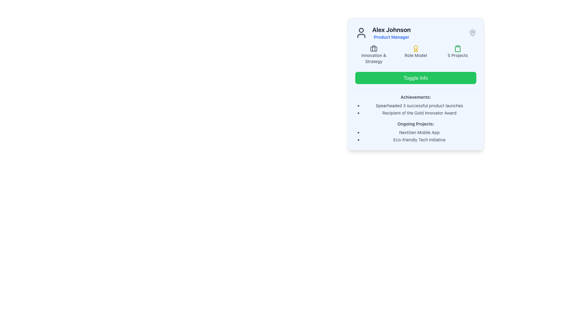 The image size is (584, 329). I want to click on the 'Innovation & Strategy' badge located in the leftmost column of the grid layout, which serves as an indicator of a specific attribute associated with the user profile, so click(373, 55).